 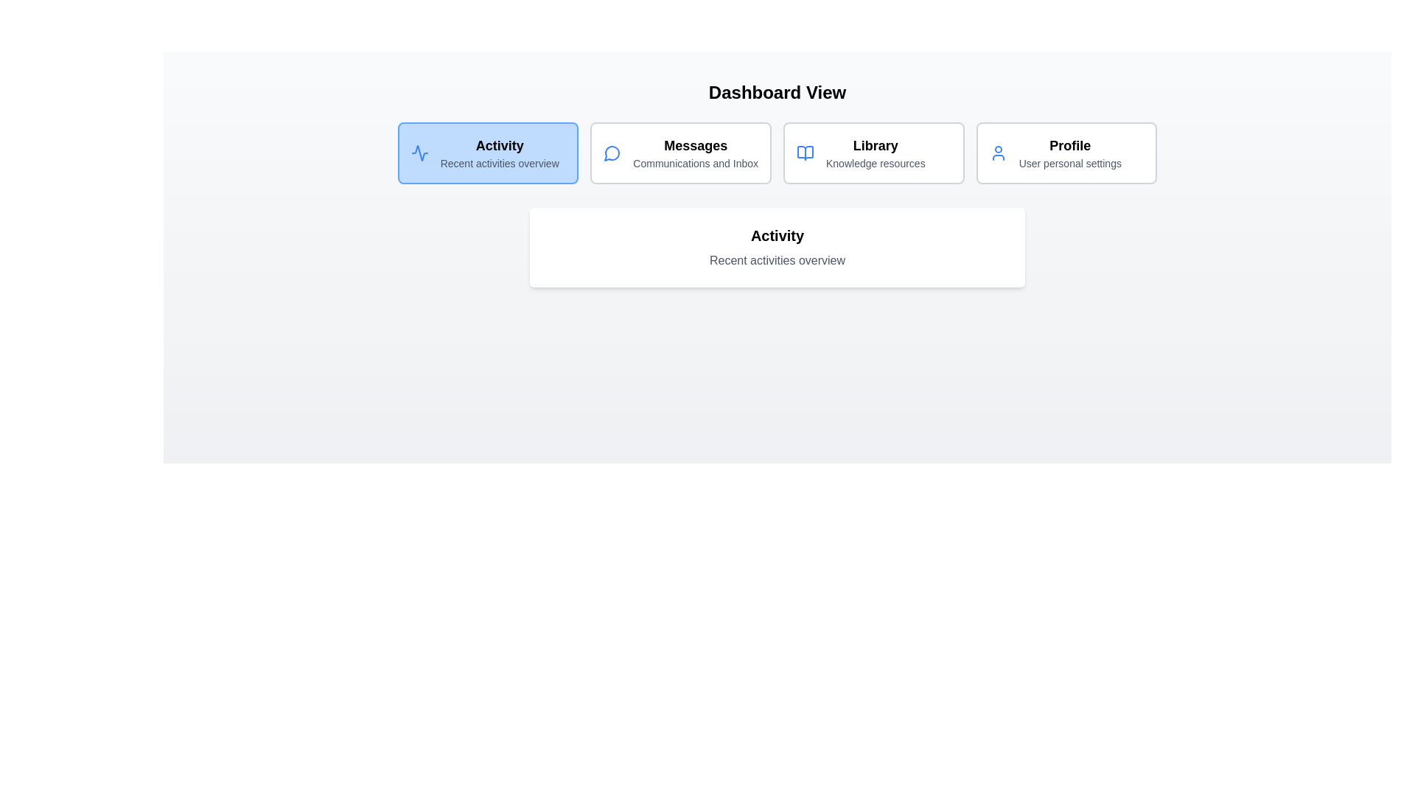 I want to click on the tab corresponding to Activity, so click(x=488, y=153).